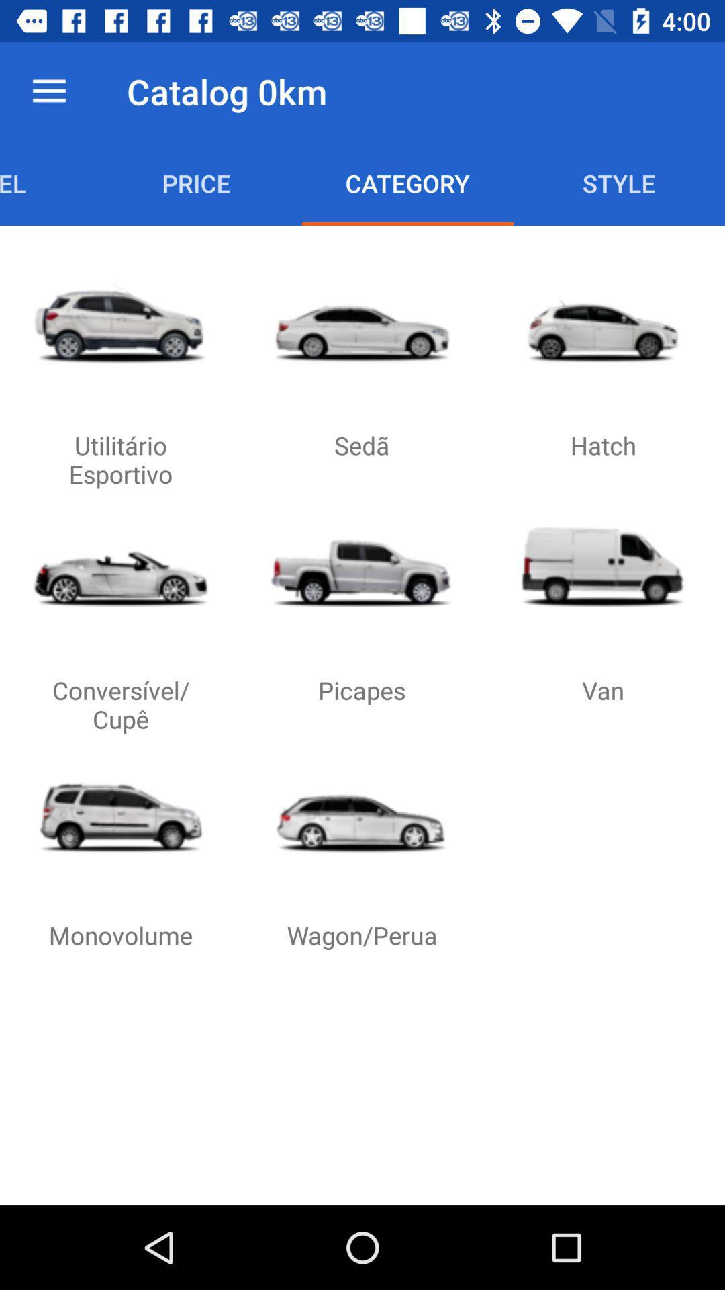 This screenshot has width=725, height=1290. I want to click on the first image in the second row, so click(121, 567).